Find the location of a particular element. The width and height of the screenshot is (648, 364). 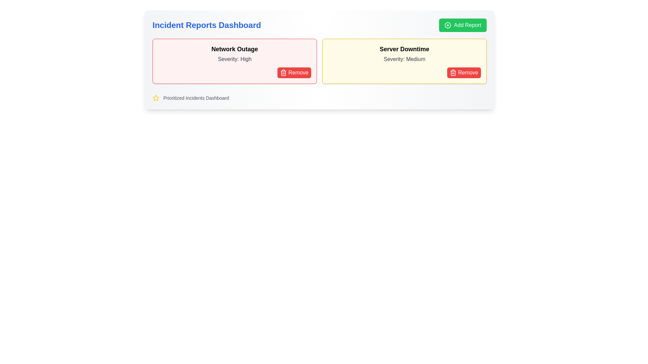

the static text label reading 'Severity: Medium' which is styled with medium-sized gray font on a light yellow background, located within the 'Server Downtime' card component is located at coordinates (404, 59).